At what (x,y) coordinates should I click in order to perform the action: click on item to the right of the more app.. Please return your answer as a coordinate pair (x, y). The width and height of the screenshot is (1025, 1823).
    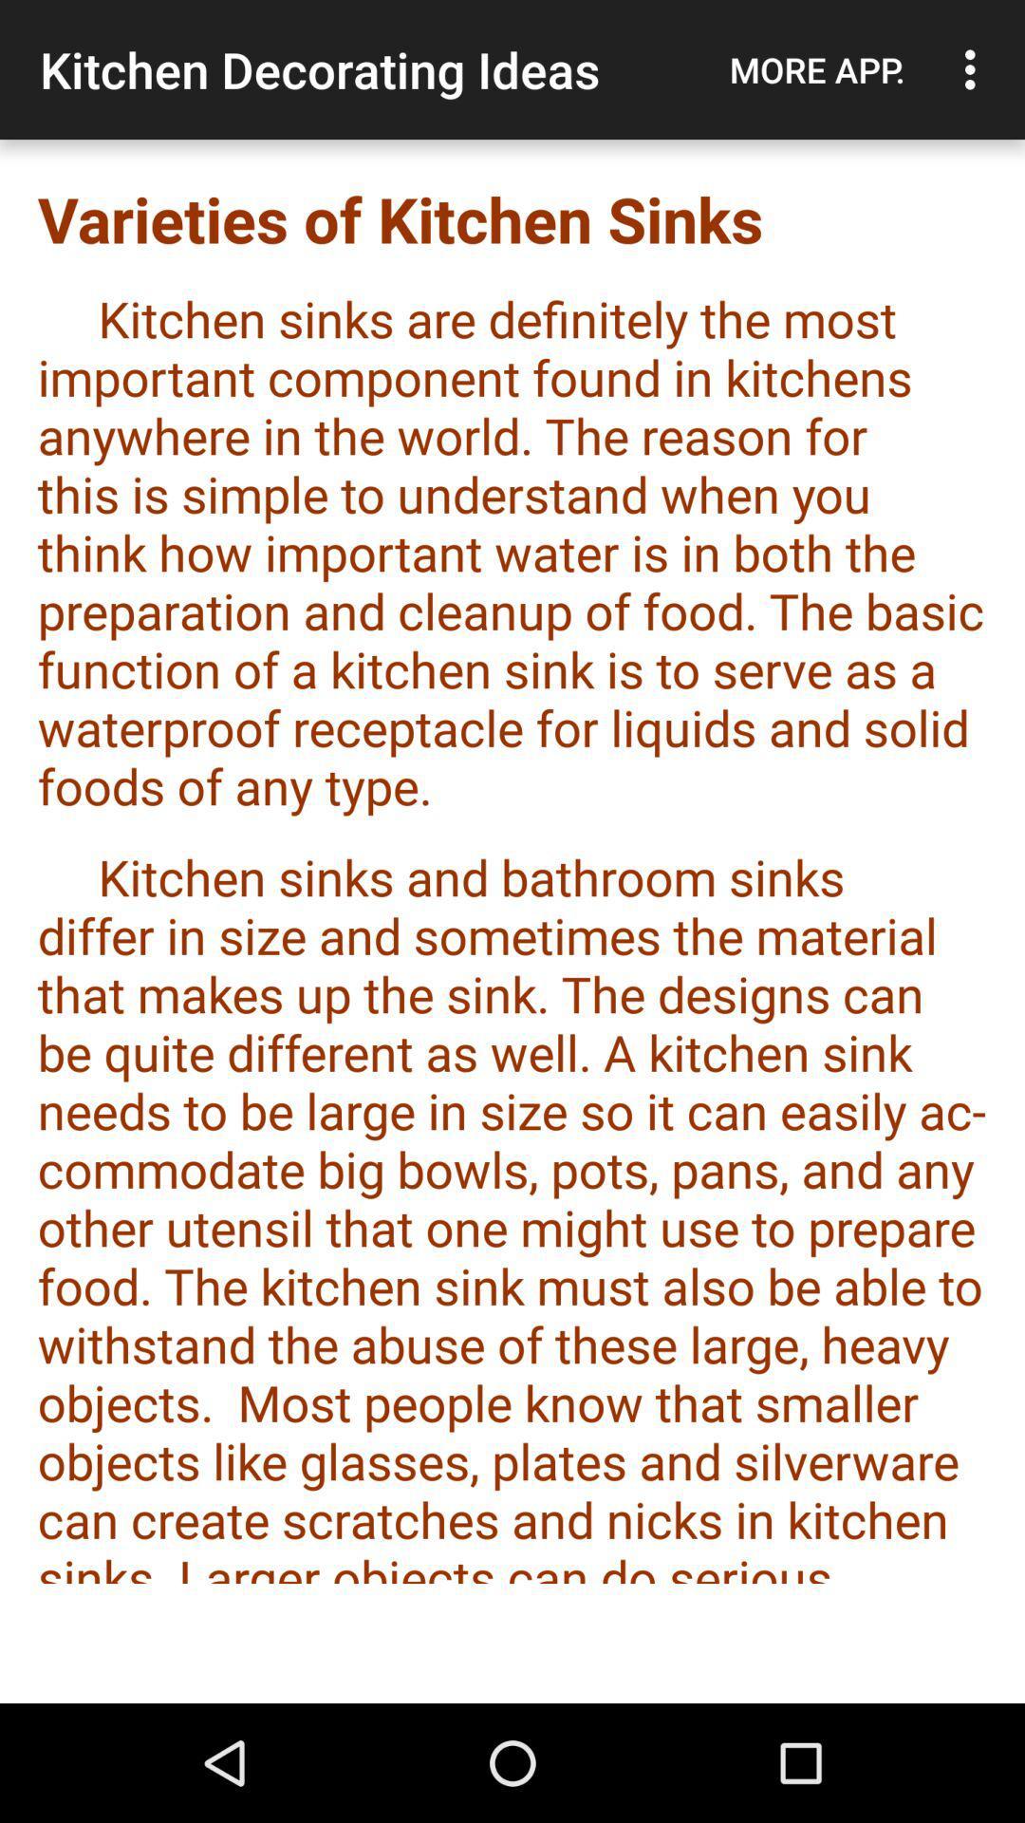
    Looking at the image, I should click on (975, 69).